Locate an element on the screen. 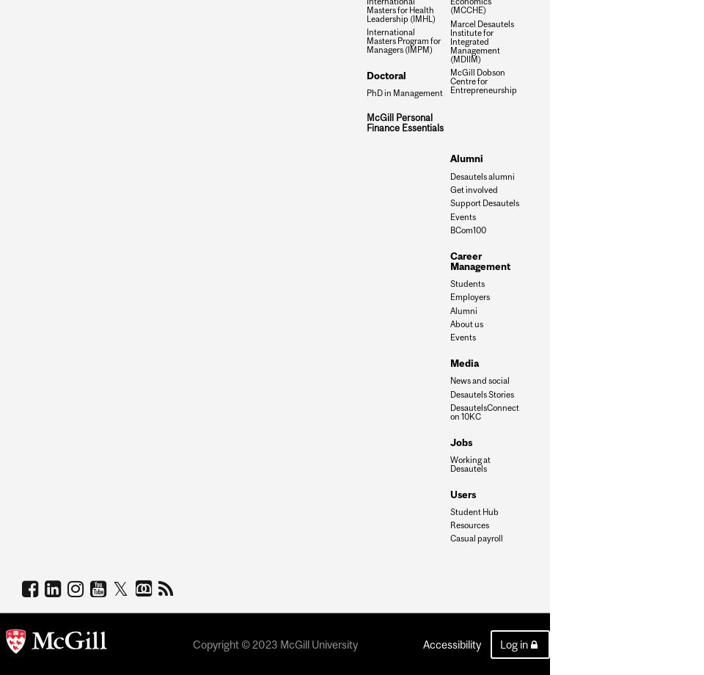 The height and width of the screenshot is (675, 704). 'Get involved' is located at coordinates (473, 189).